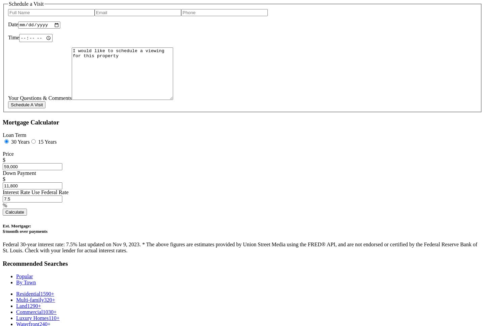 This screenshot has width=485, height=326. Describe the element at coordinates (15, 282) in the screenshot. I see `'By Town'` at that location.